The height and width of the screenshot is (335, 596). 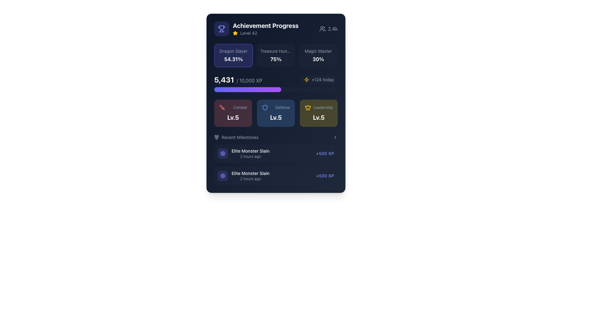 What do you see at coordinates (222, 29) in the screenshot?
I see `the trophy-shaped icon inside the rounded rectangle element with an indigo background, located in the upper left section of the 'Achievement Progress' component, to the left of the text 'Achievement Progress Level 42.'` at bounding box center [222, 29].